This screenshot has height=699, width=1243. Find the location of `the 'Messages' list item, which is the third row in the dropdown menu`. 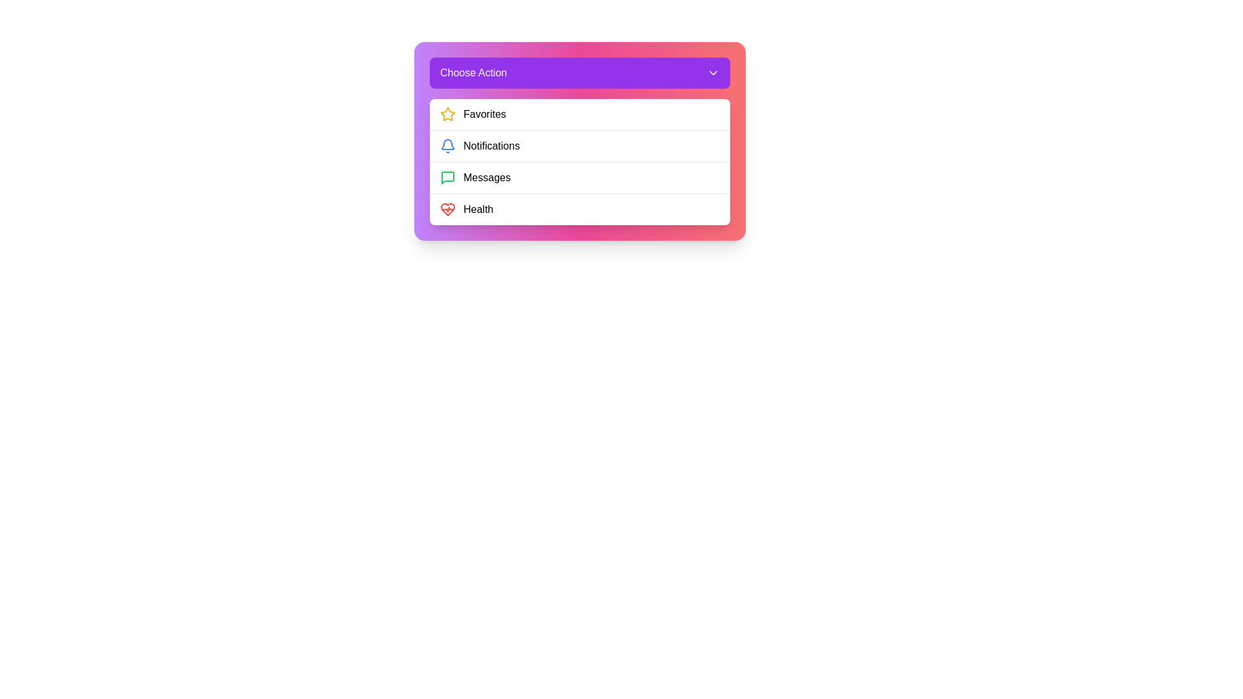

the 'Messages' list item, which is the third row in the dropdown menu is located at coordinates (579, 177).